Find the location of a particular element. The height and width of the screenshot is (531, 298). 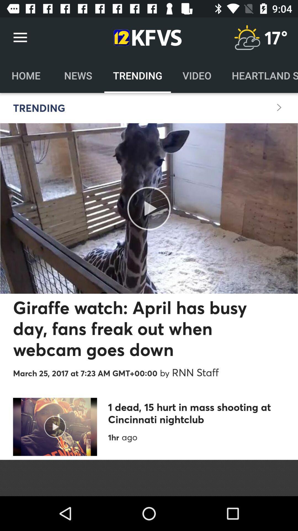

check weather is located at coordinates (247, 37).